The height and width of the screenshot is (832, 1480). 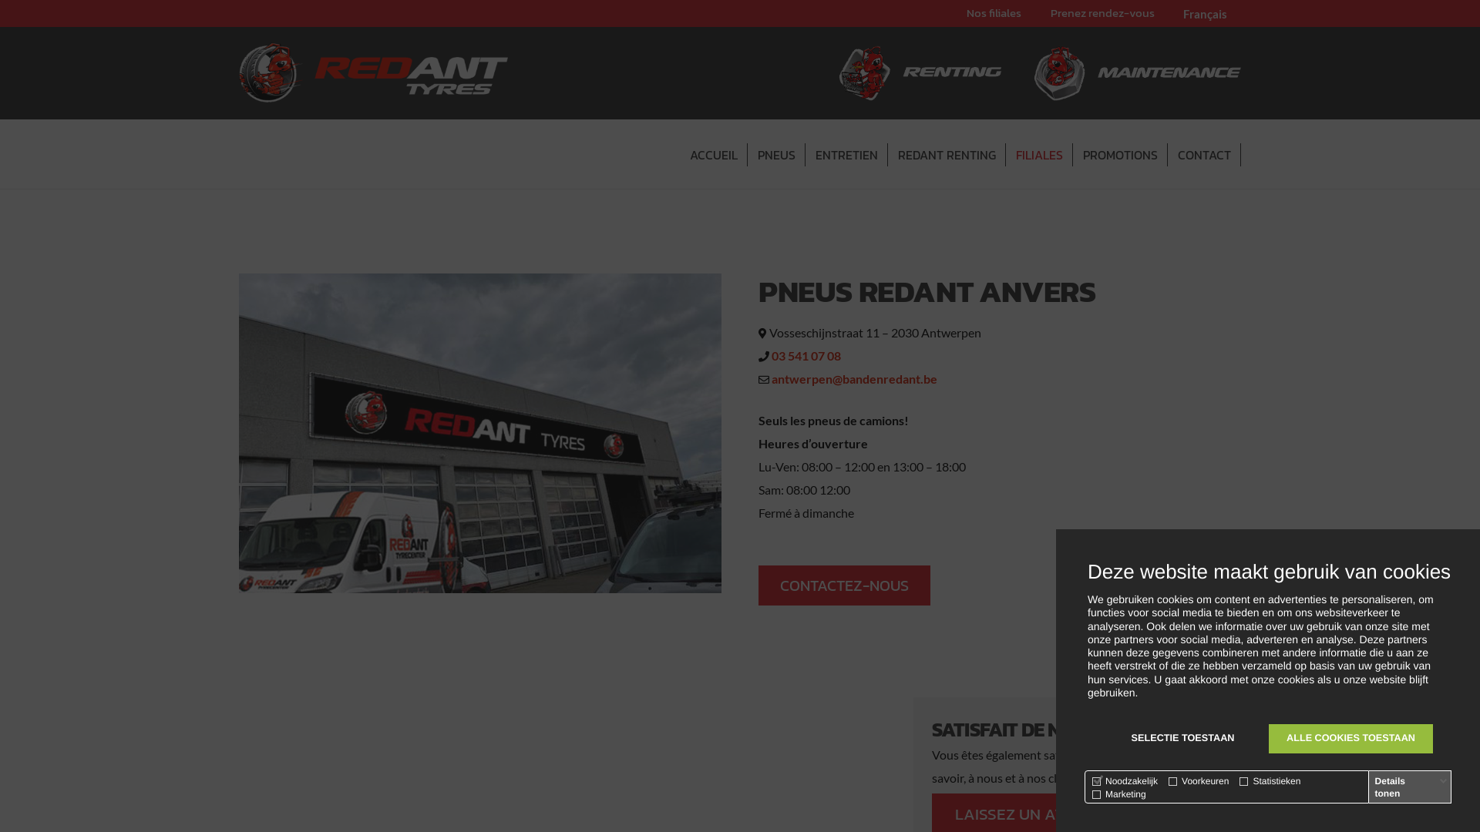 I want to click on 'PROMOTIONS', so click(x=1120, y=154).